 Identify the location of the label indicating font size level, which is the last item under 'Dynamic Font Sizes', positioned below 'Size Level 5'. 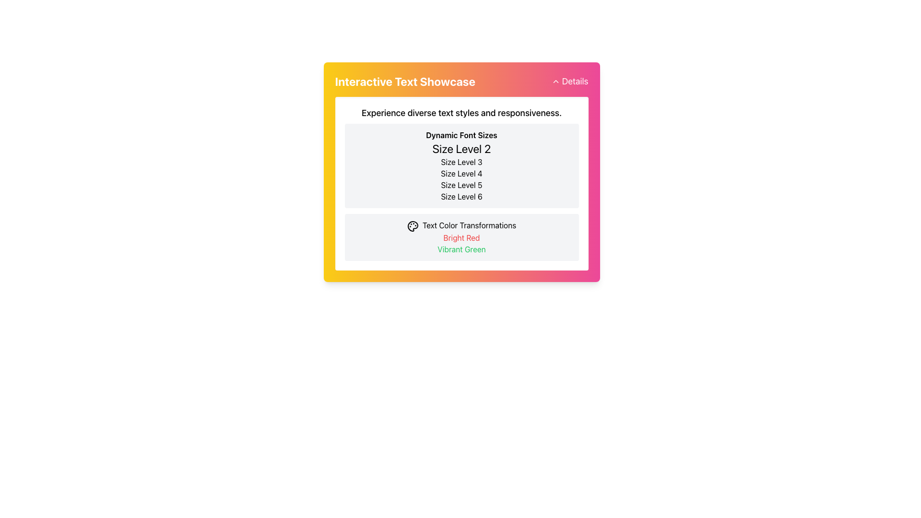
(461, 196).